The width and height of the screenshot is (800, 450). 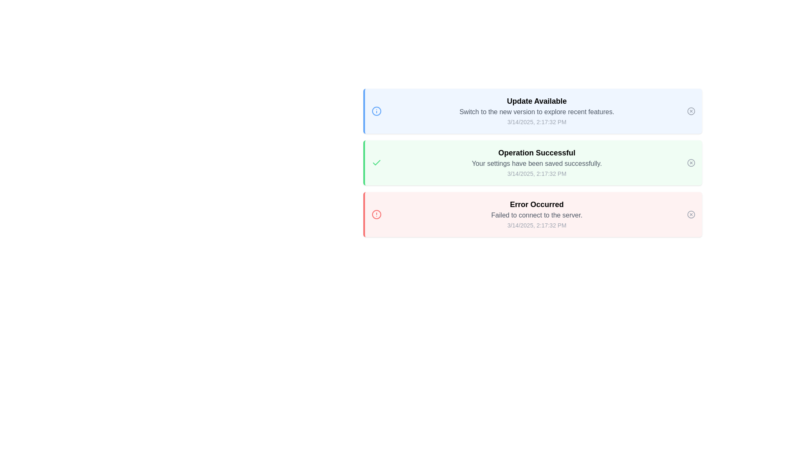 What do you see at coordinates (691, 110) in the screenshot?
I see `the dismiss button located at the far-right of the 'Update Available' notification card` at bounding box center [691, 110].